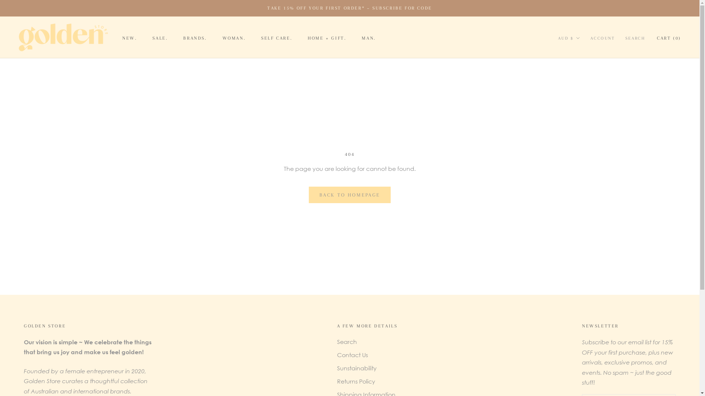 The width and height of the screenshot is (705, 396). Describe the element at coordinates (577, 54) in the screenshot. I see `'AUD'` at that location.